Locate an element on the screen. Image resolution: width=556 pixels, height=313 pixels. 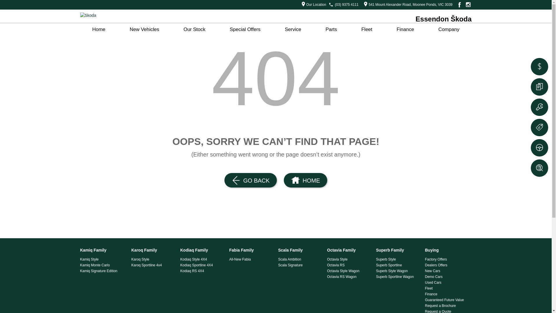
'Scala Signature' is located at coordinates (300, 265).